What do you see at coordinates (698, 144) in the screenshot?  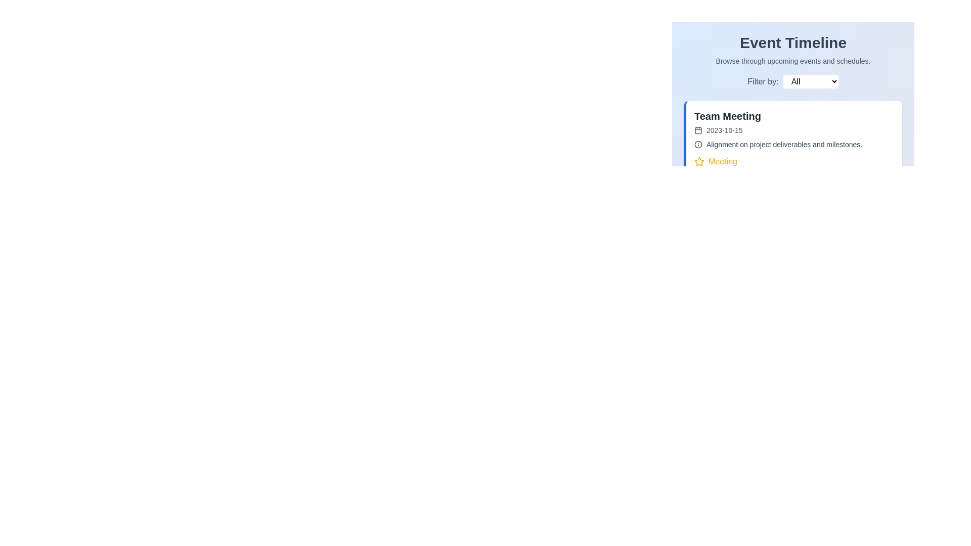 I see `the icon component, a decorative circle element within the SVG that indicates the importance of information, located near the text 'Alignment on project deliverables and milestones.'` at bounding box center [698, 144].